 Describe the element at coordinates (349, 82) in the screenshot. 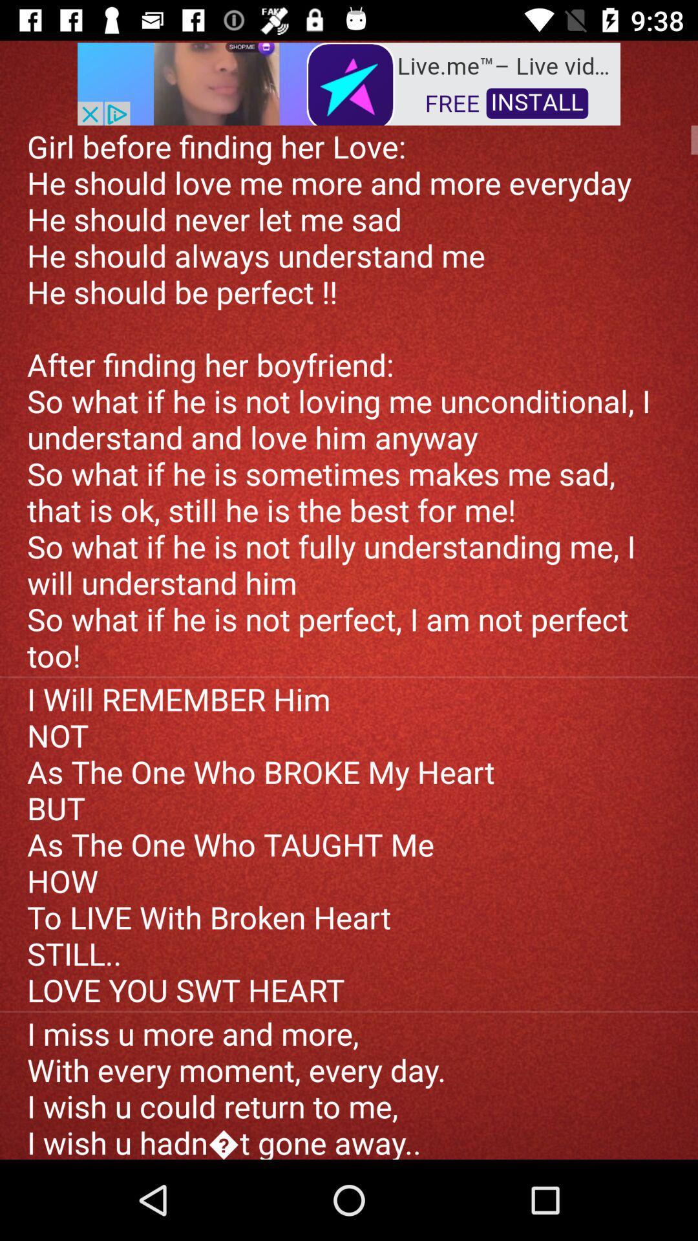

I see `visit advertised website` at that location.